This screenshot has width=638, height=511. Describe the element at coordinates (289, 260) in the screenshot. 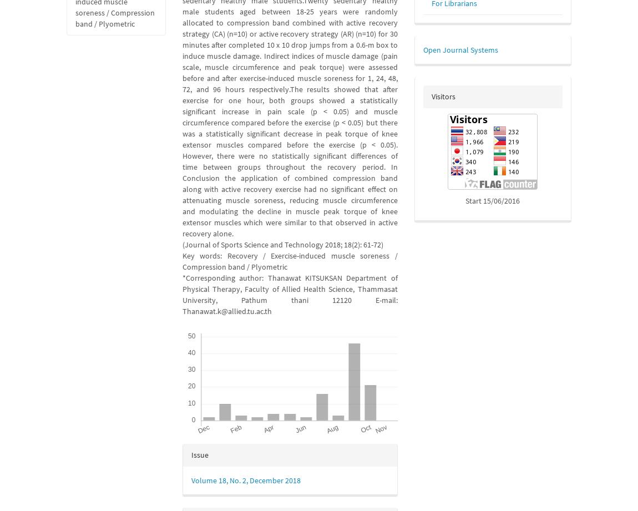

I see `'Key words: Recovery / Exercise-induced muscle soreness / Compression band / Plyometric'` at that location.